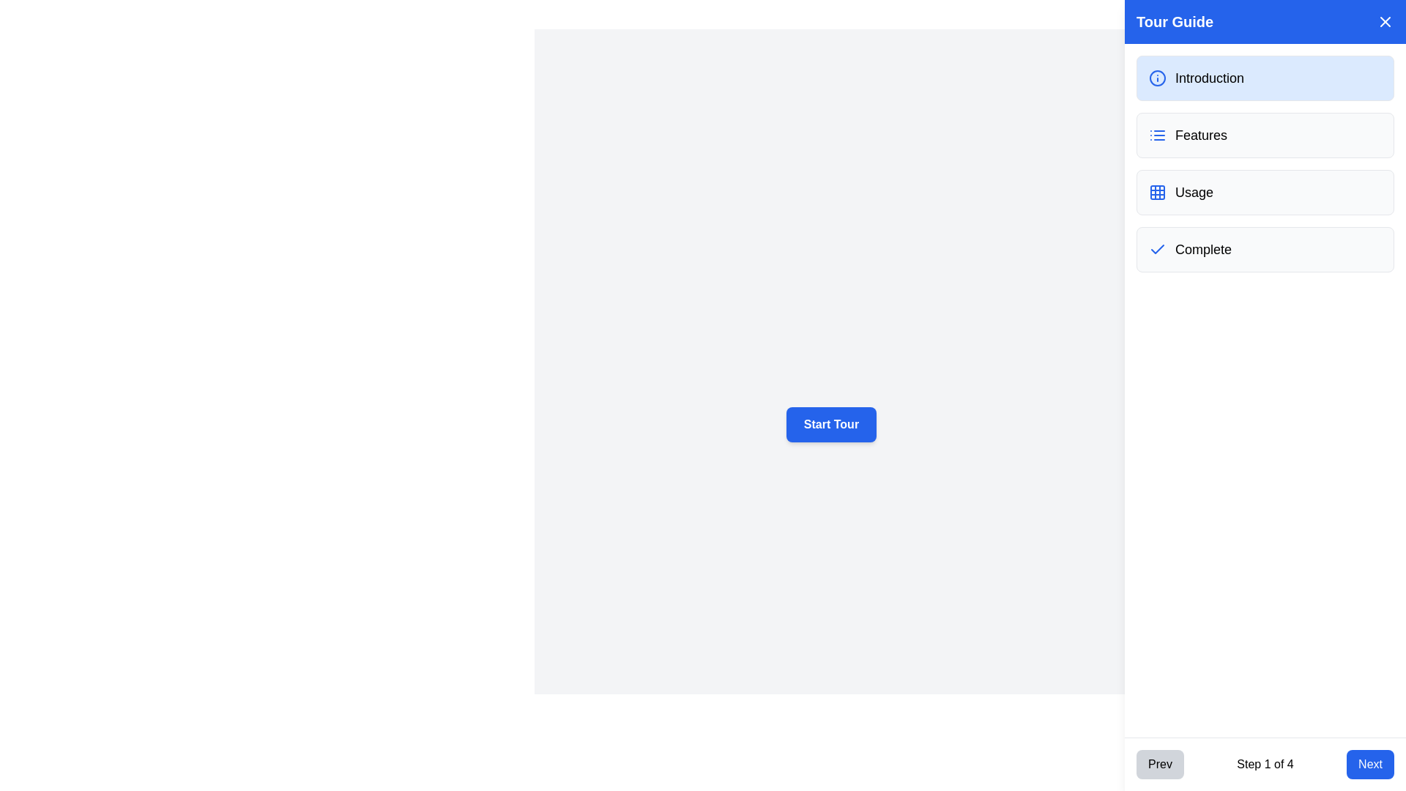 The image size is (1406, 791). What do you see at coordinates (1156, 78) in the screenshot?
I see `the circular emblem icon that represents the information button next to the 'Introduction' text in the 'Tour Guide' menu column` at bounding box center [1156, 78].